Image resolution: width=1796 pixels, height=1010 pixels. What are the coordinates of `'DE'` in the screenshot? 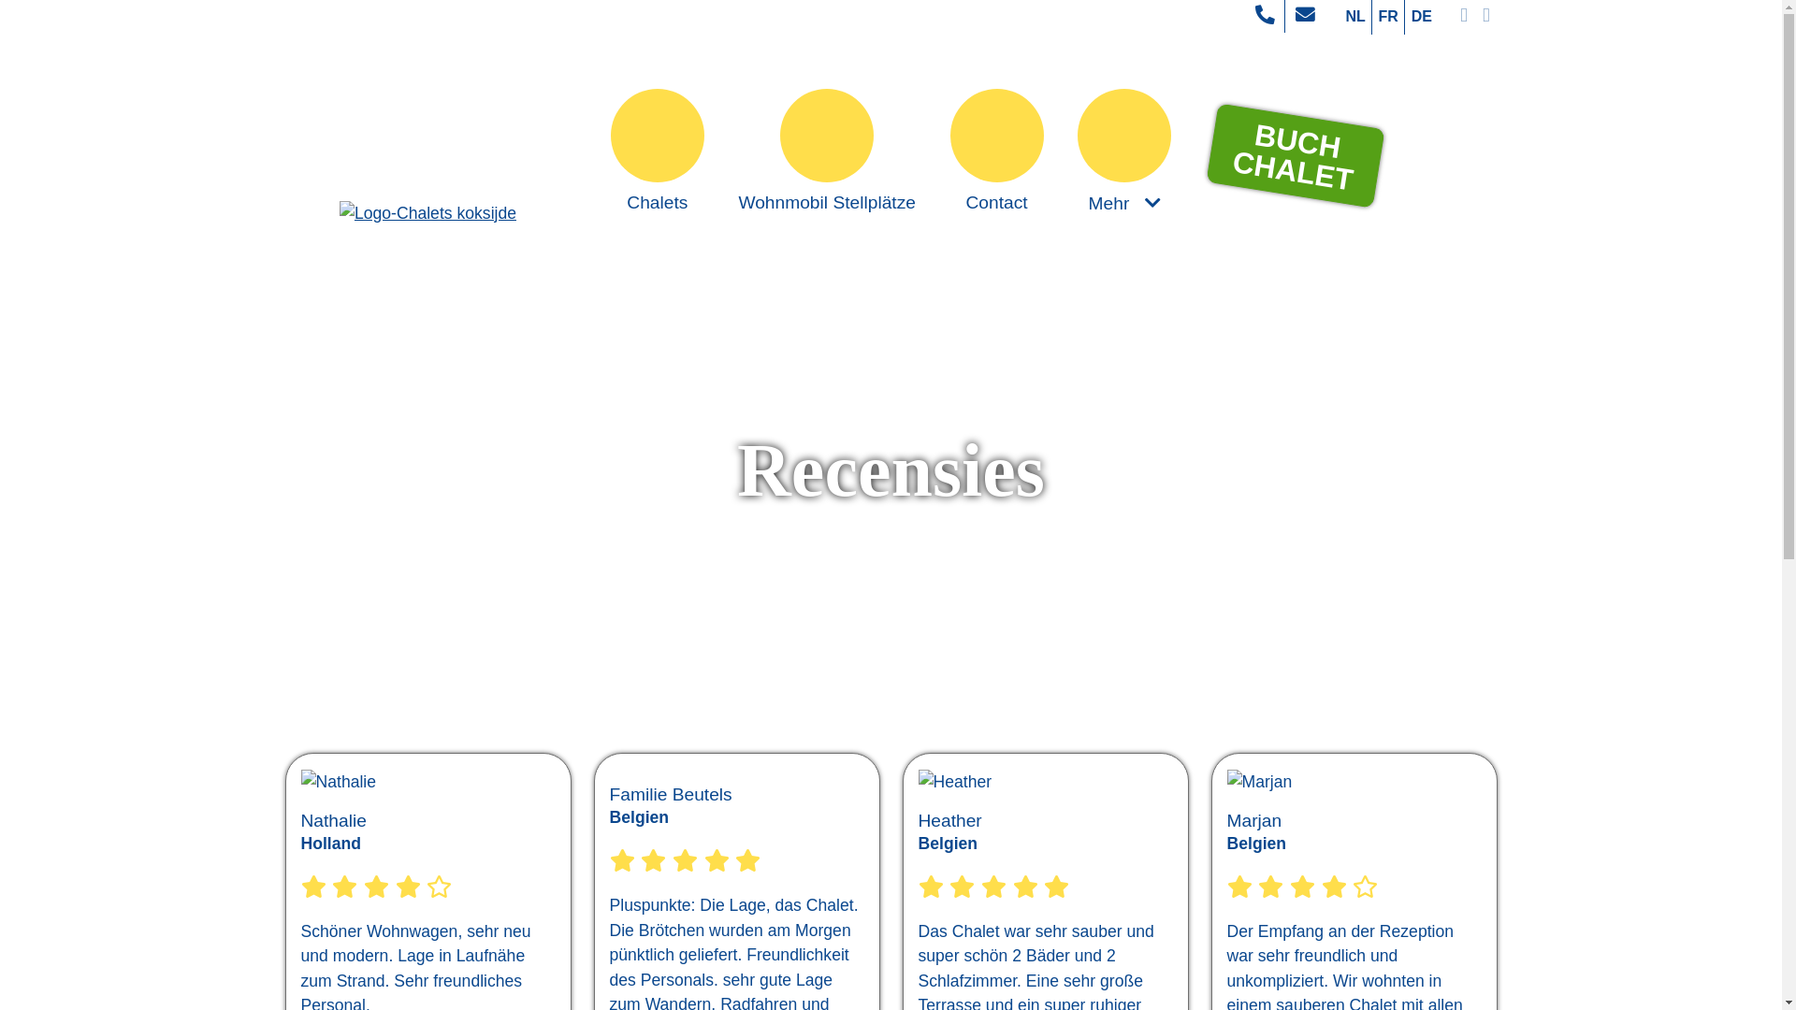 It's located at (1421, 17).